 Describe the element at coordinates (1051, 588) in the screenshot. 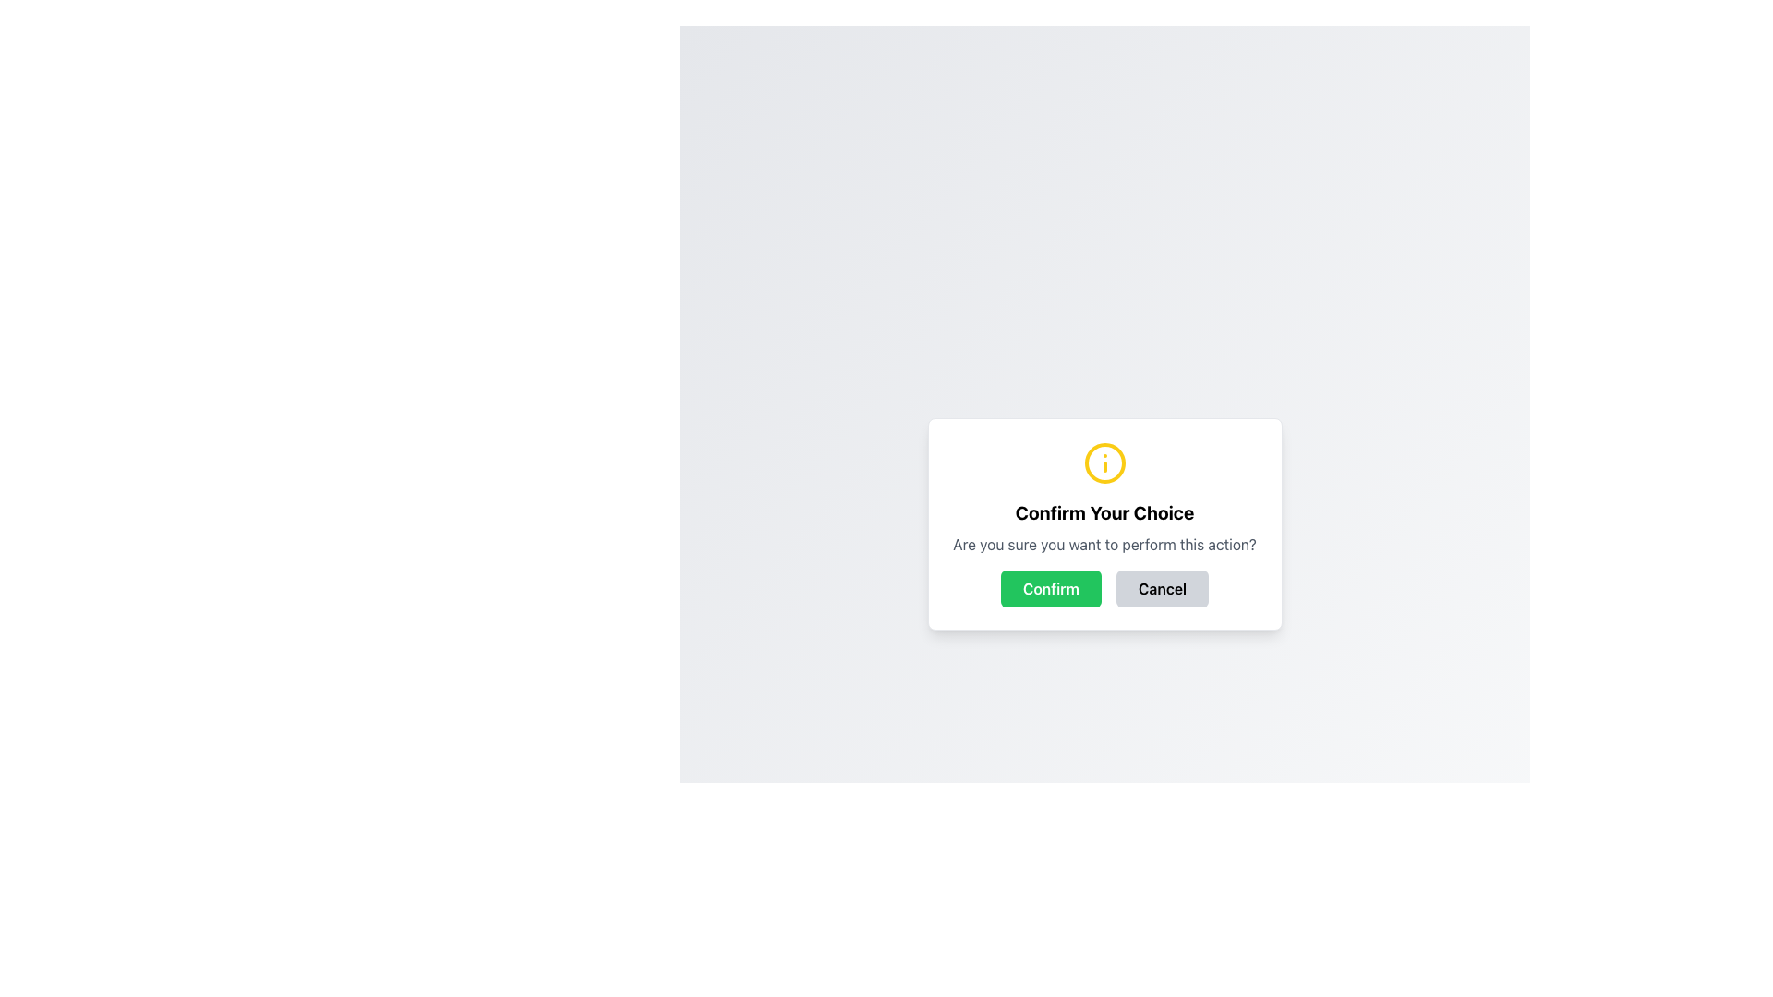

I see `the confirmation button located to the left of the 'Cancel' button, below the title 'Confirm Your Choice'` at that location.